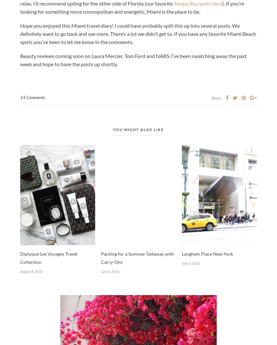 Image resolution: width=277 pixels, height=345 pixels. Describe the element at coordinates (31, 271) in the screenshot. I see `'August 8, 2016'` at that location.